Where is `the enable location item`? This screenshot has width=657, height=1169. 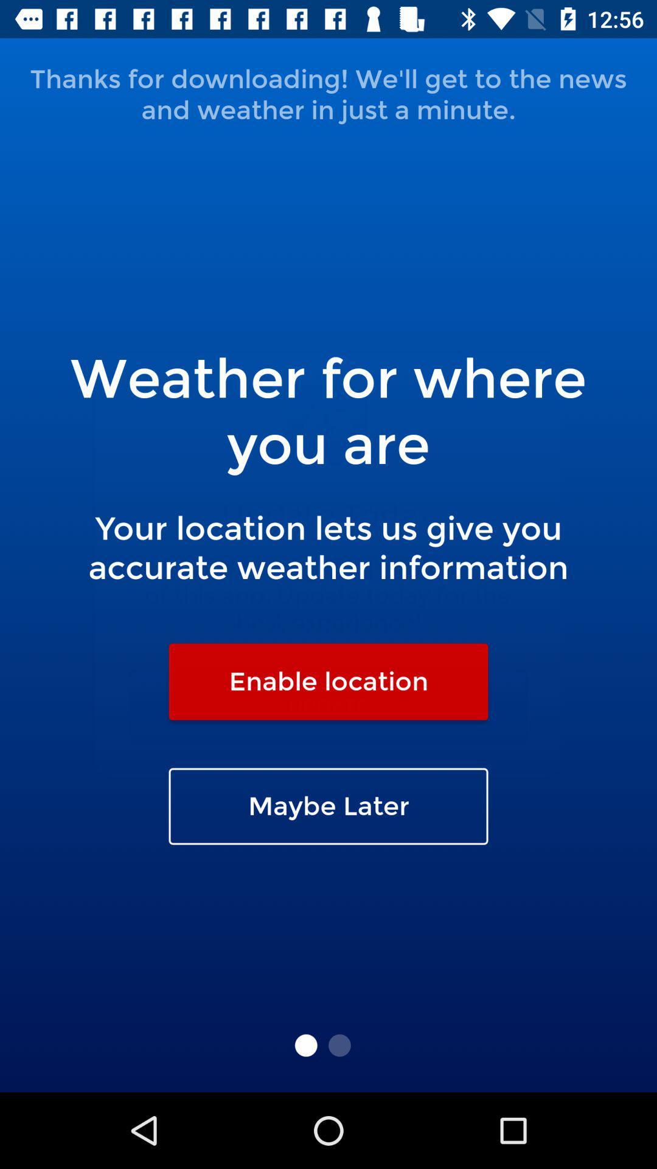
the enable location item is located at coordinates (328, 681).